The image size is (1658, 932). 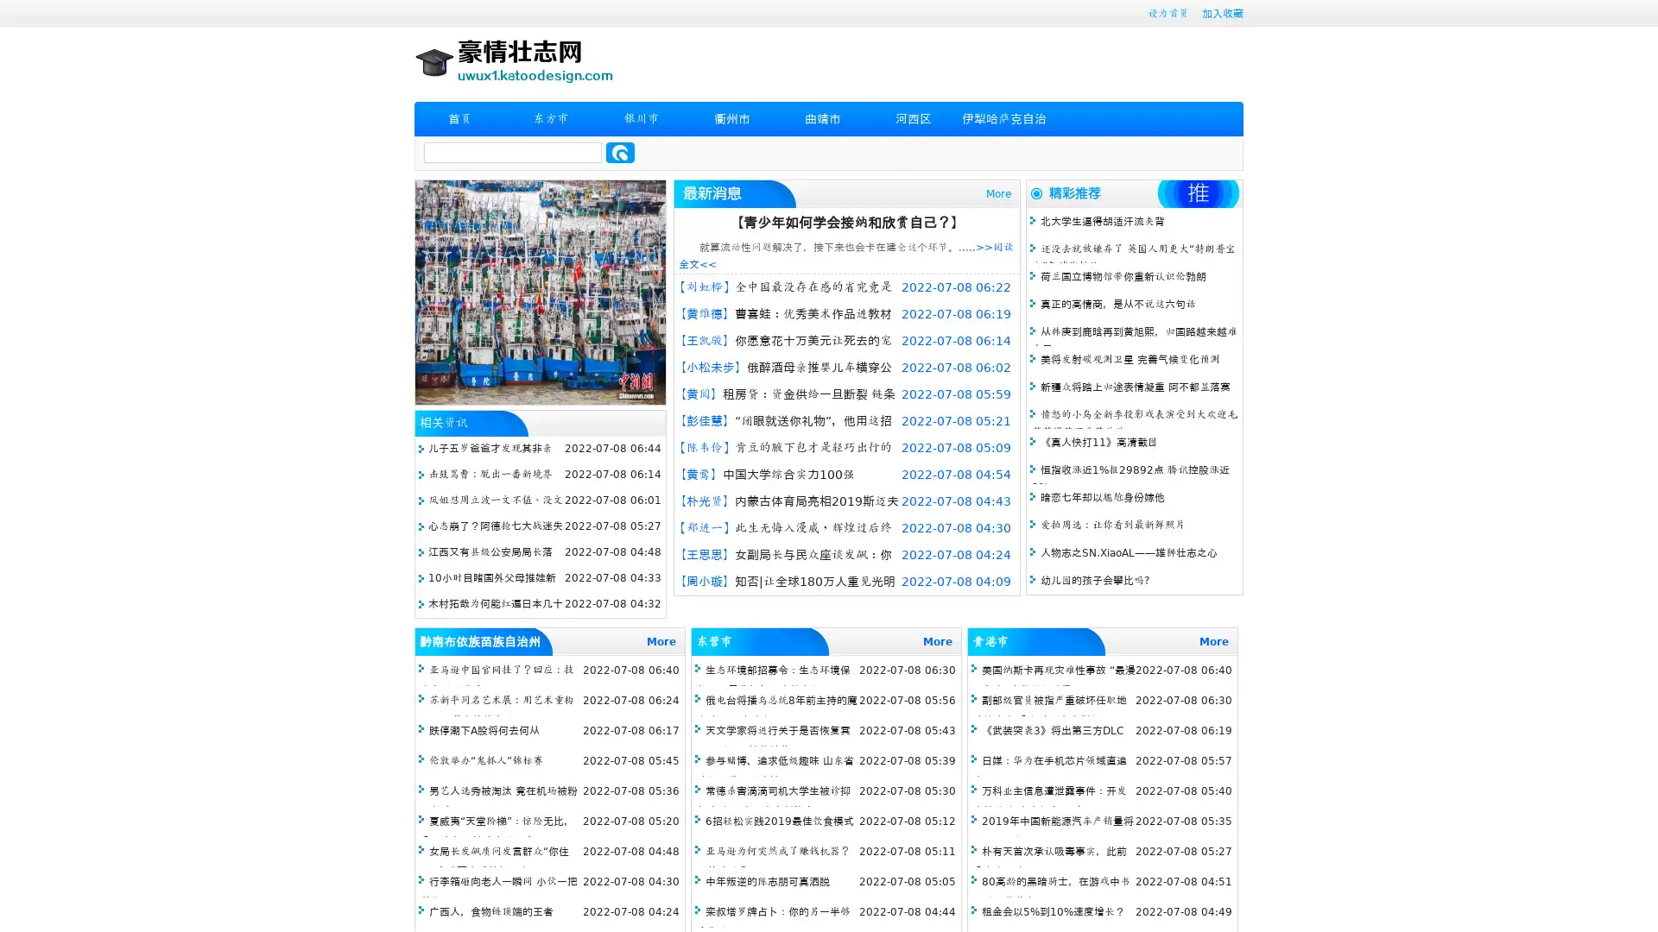 What do you see at coordinates (620, 152) in the screenshot?
I see `Search` at bounding box center [620, 152].